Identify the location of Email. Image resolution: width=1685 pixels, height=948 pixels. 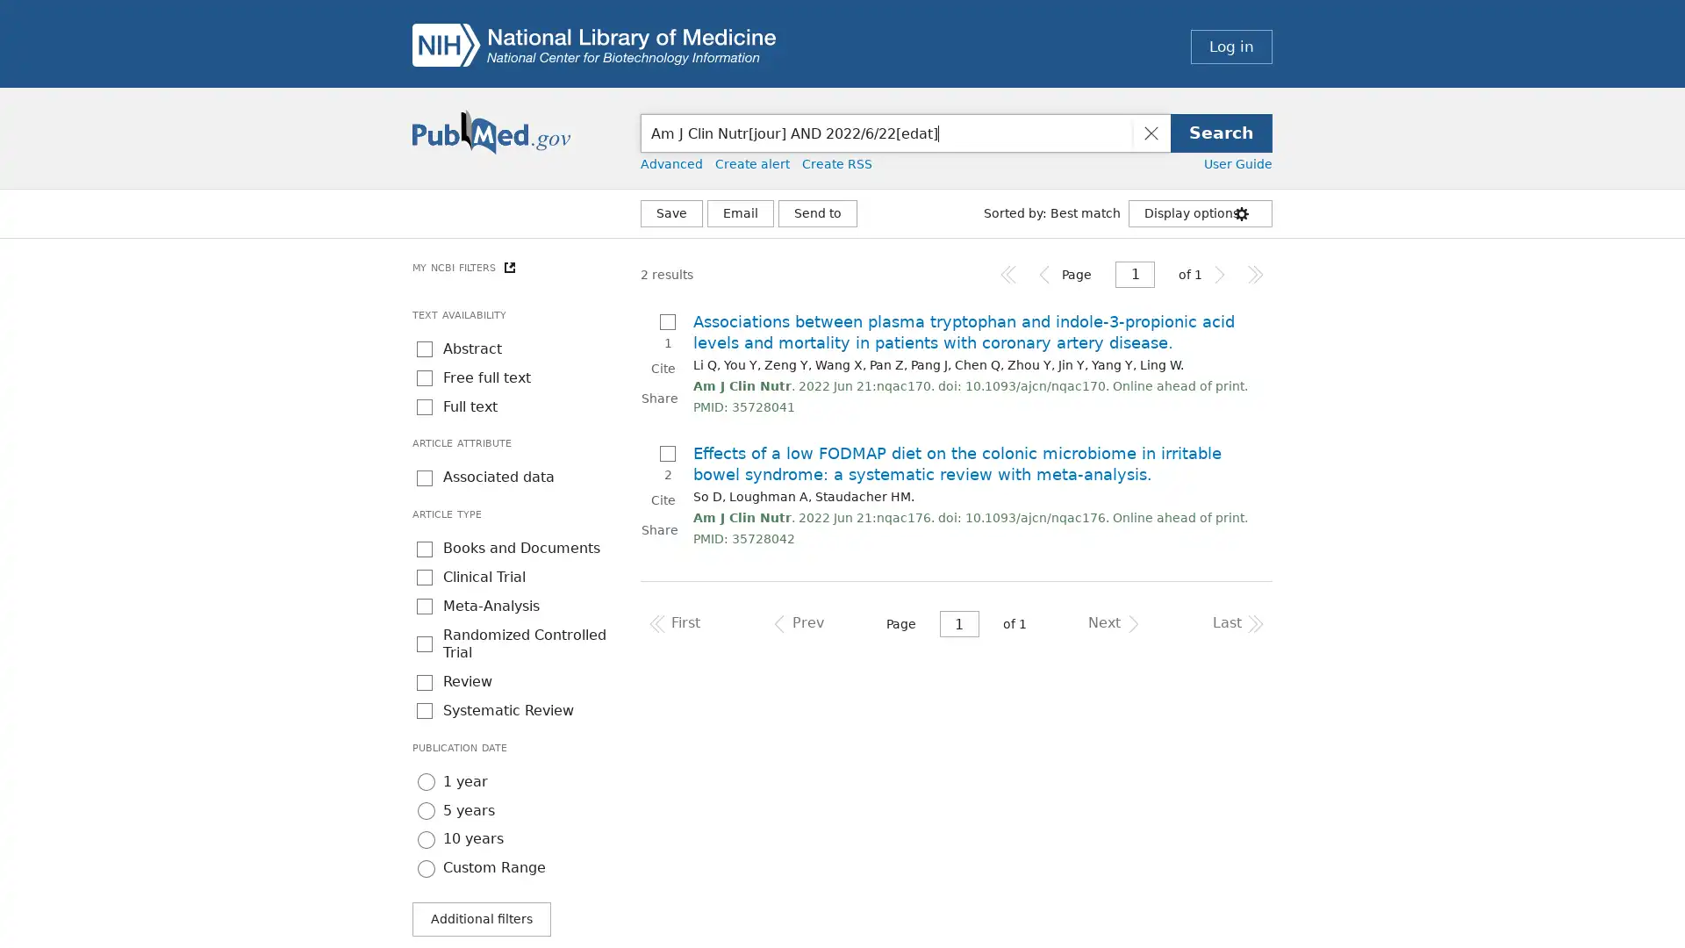
(741, 212).